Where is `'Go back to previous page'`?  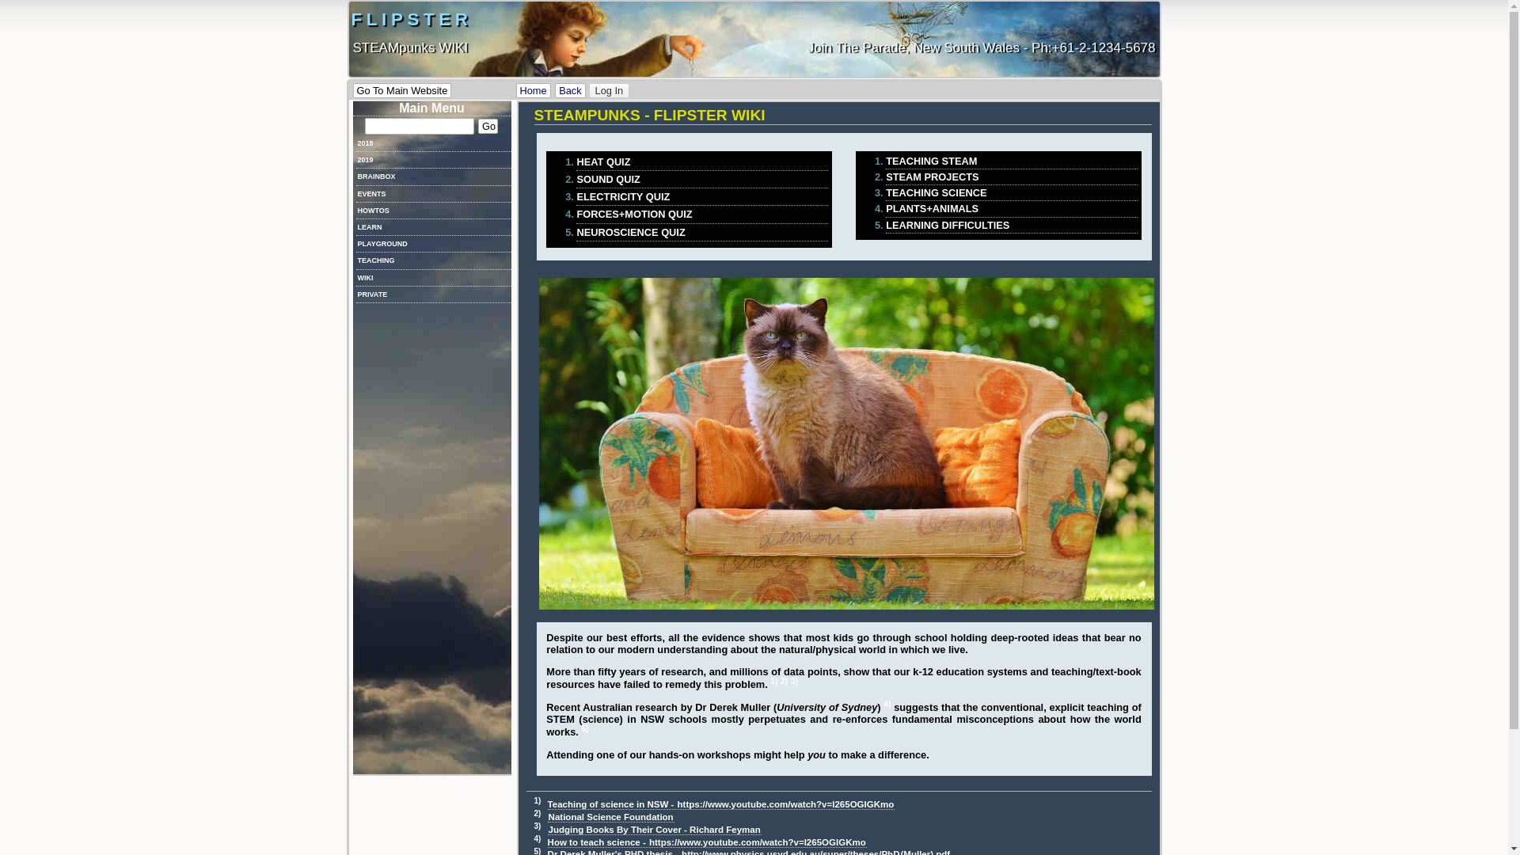
'Go back to previous page' is located at coordinates (554, 90).